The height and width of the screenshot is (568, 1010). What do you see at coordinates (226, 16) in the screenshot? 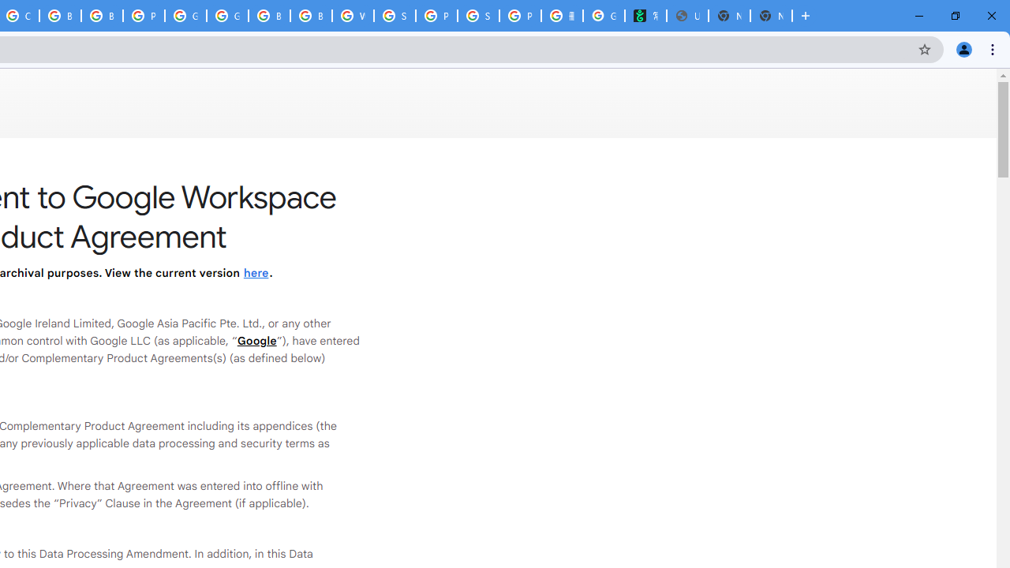
I see `'Google Cloud Platform'` at bounding box center [226, 16].